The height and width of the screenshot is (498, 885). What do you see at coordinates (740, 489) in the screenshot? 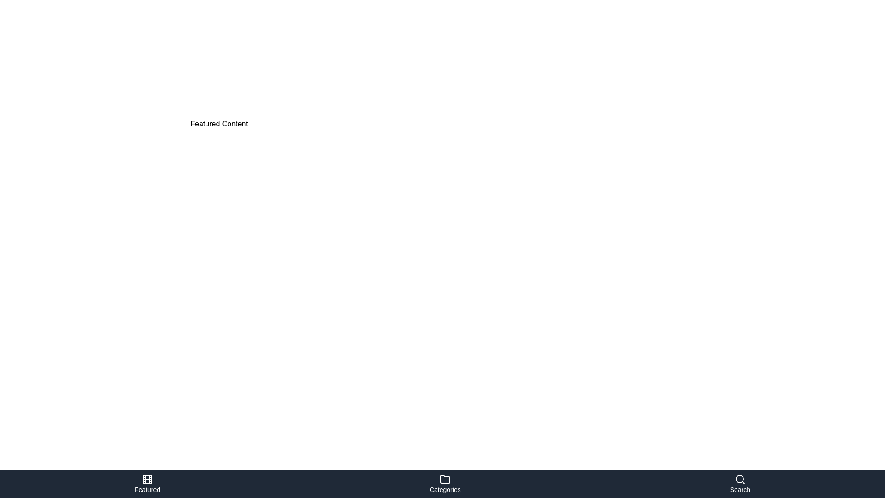
I see `the text label reading 'Search' located in the bottom navigation bar, centered below the magnifying glass icon` at bounding box center [740, 489].